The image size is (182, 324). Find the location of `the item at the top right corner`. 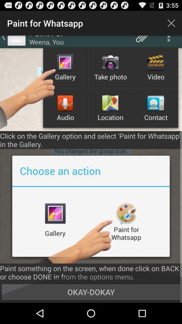

the item at the top right corner is located at coordinates (171, 23).